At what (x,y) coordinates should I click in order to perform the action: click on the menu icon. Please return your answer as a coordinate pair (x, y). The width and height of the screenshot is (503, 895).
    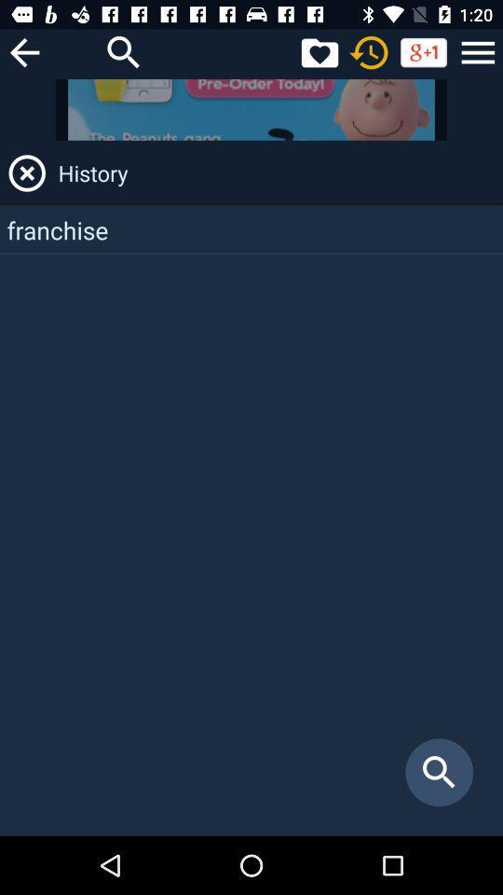
    Looking at the image, I should click on (478, 51).